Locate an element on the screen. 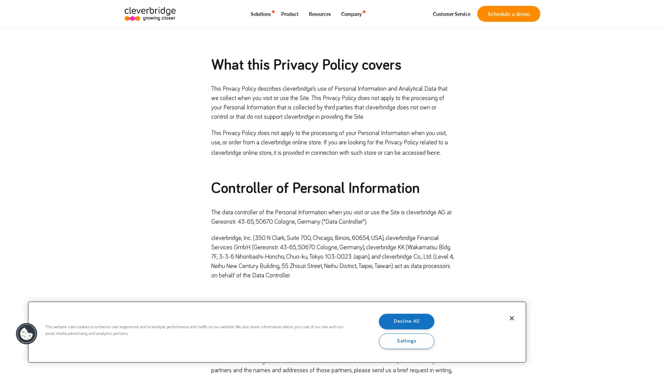 This screenshot has height=374, width=665. Close is located at coordinates (512, 318).